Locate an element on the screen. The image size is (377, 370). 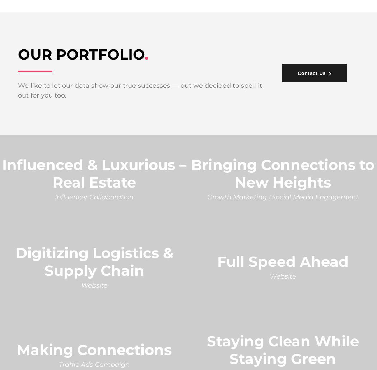
'Full Speed Ahead' is located at coordinates (282, 261).